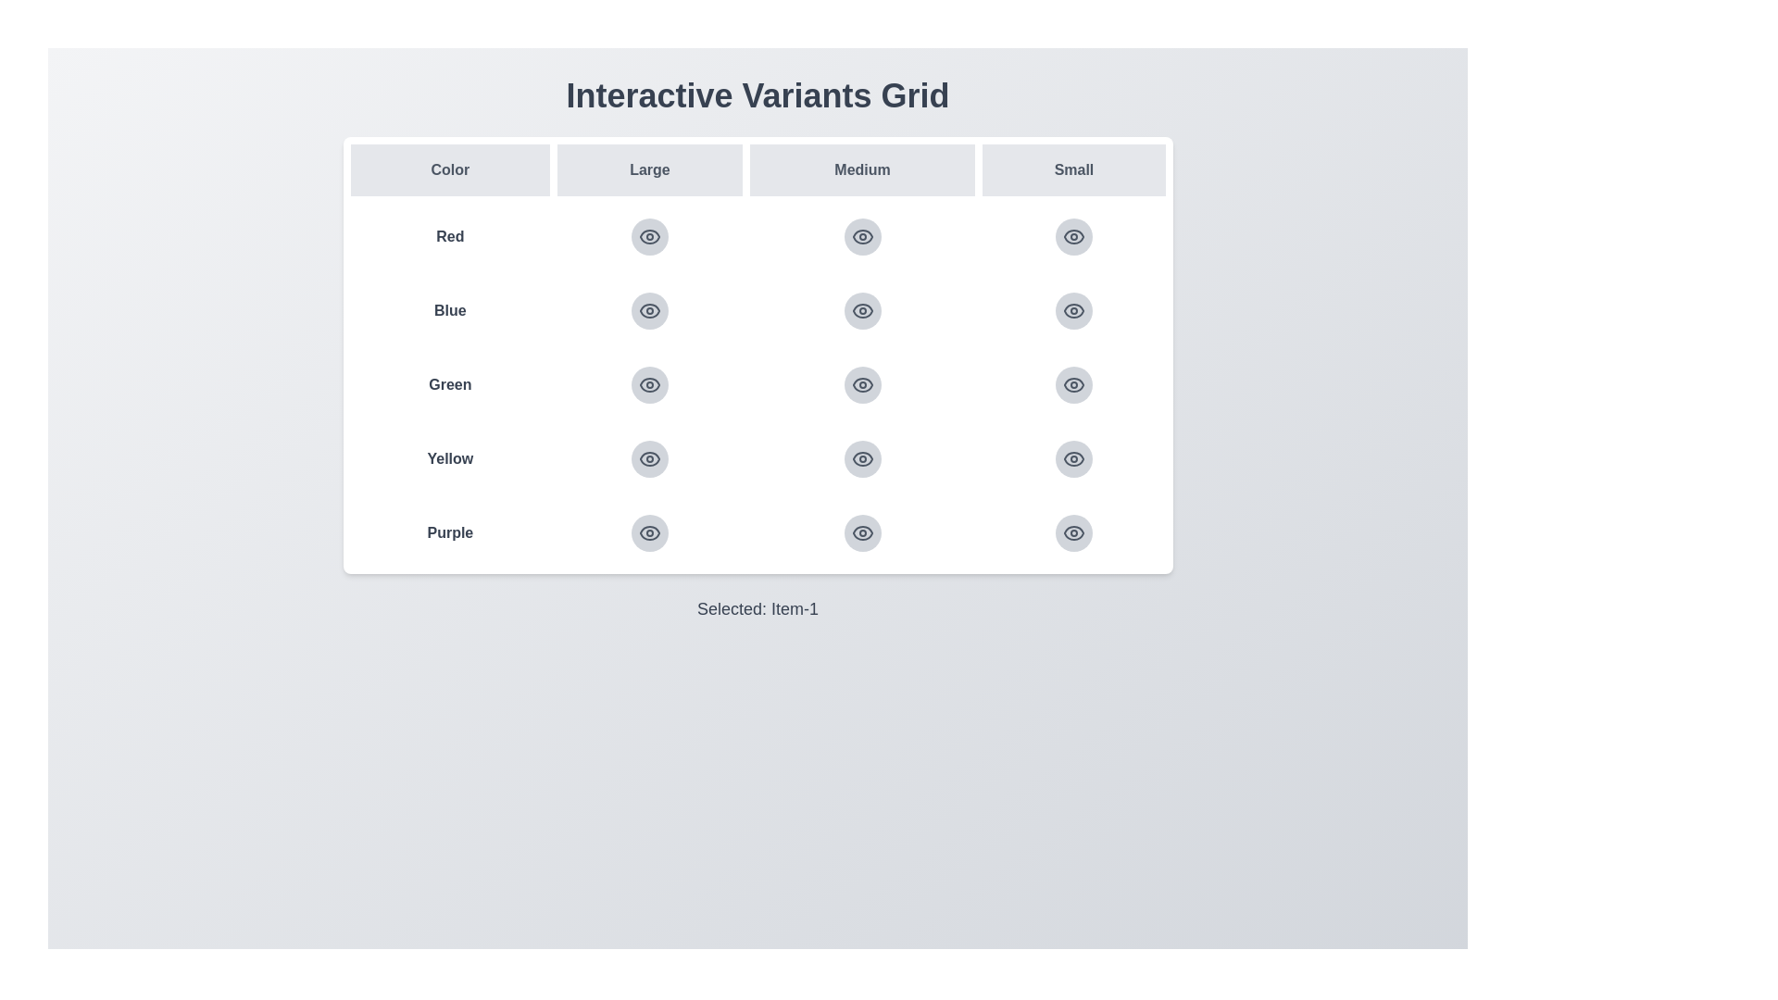 The width and height of the screenshot is (1778, 1000). What do you see at coordinates (1074, 458) in the screenshot?
I see `the circular gray button with a central eye icon located in the last column of the grid layout under the 'Small' label and in the fourth row of the 'Yellow' category` at bounding box center [1074, 458].